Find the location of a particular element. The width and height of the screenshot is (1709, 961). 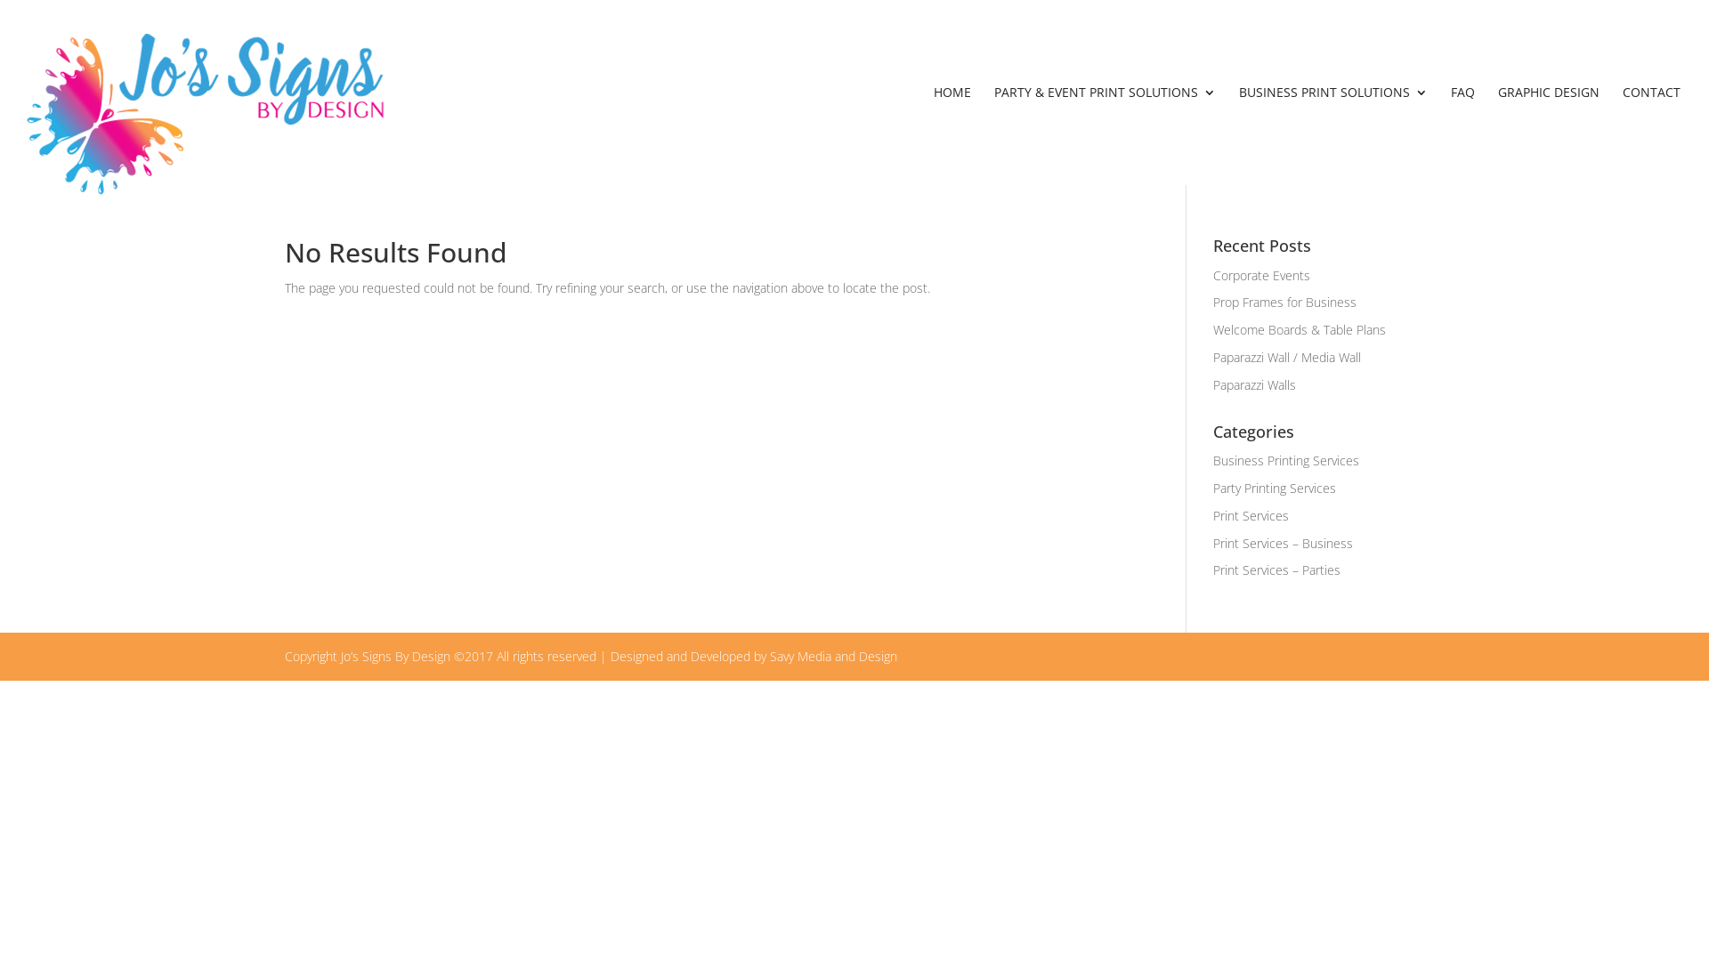

'Print Services' is located at coordinates (1250, 515).